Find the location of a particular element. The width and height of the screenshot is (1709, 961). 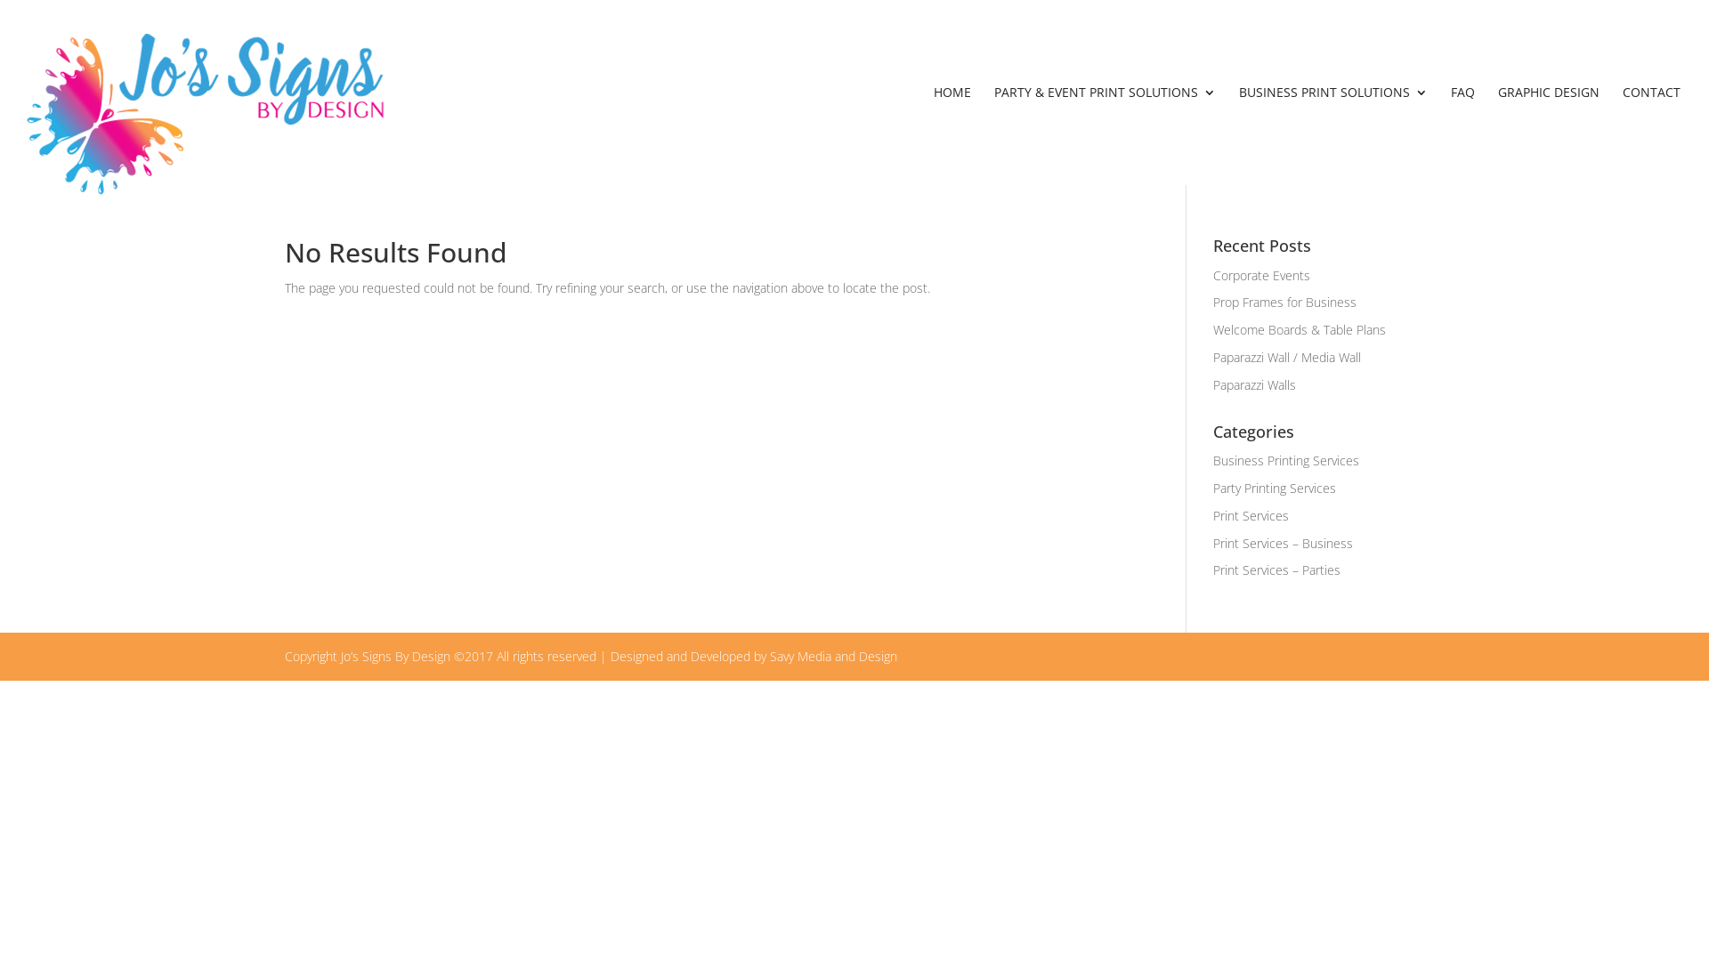

'Print Services' is located at coordinates (1250, 515).